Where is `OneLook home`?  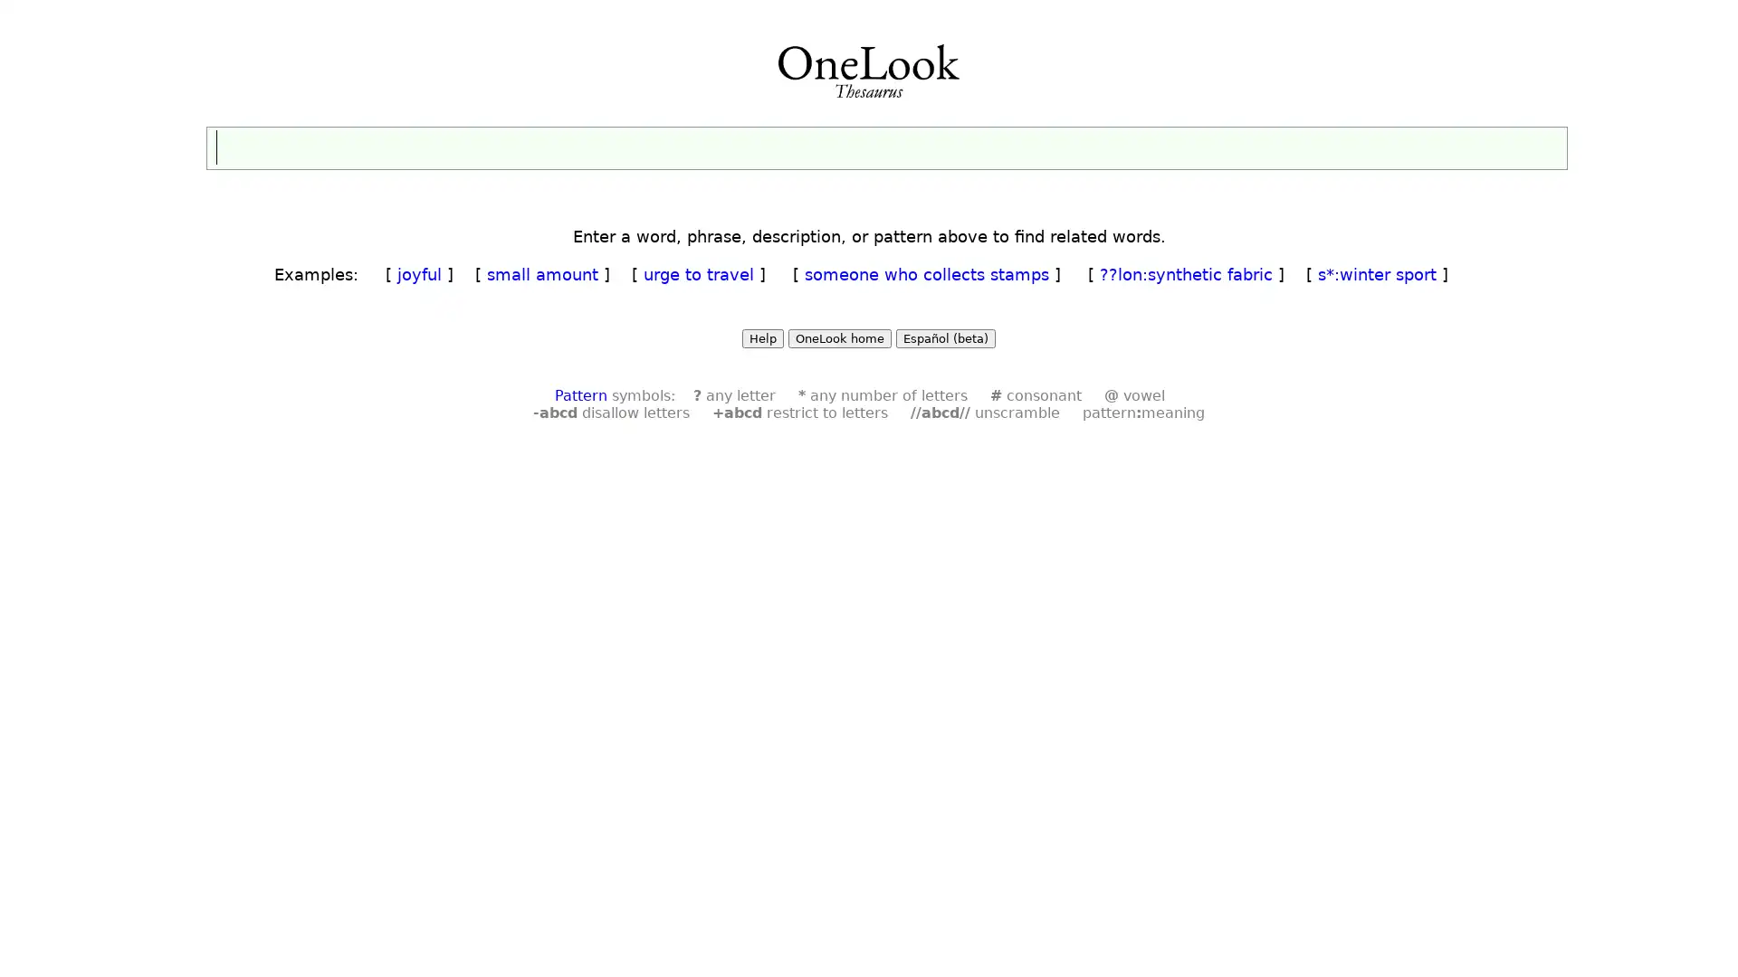
OneLook home is located at coordinates (838, 338).